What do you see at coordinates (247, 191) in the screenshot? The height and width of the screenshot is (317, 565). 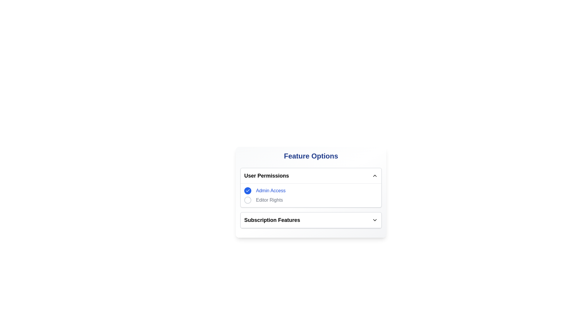 I see `the 'Admin Access' checkbox to potentially display a tooltip` at bounding box center [247, 191].